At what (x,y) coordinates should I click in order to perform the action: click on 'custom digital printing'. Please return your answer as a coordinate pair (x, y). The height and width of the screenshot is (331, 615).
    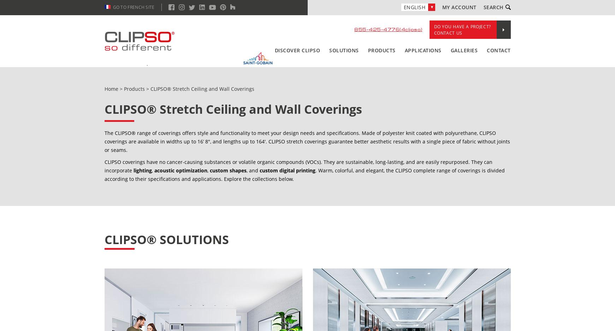
    Looking at the image, I should click on (287, 170).